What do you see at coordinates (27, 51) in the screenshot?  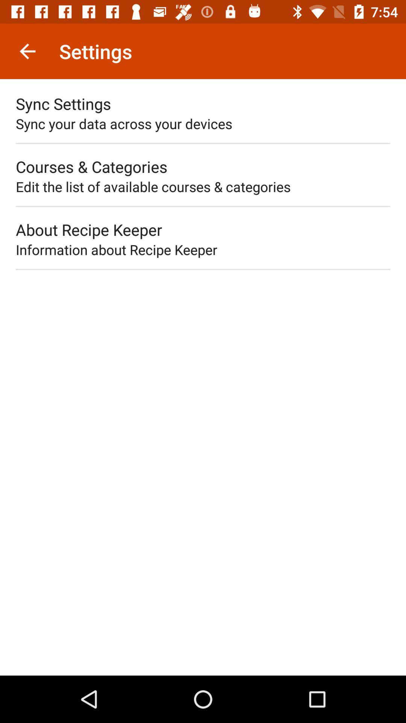 I see `icon above sync settings` at bounding box center [27, 51].